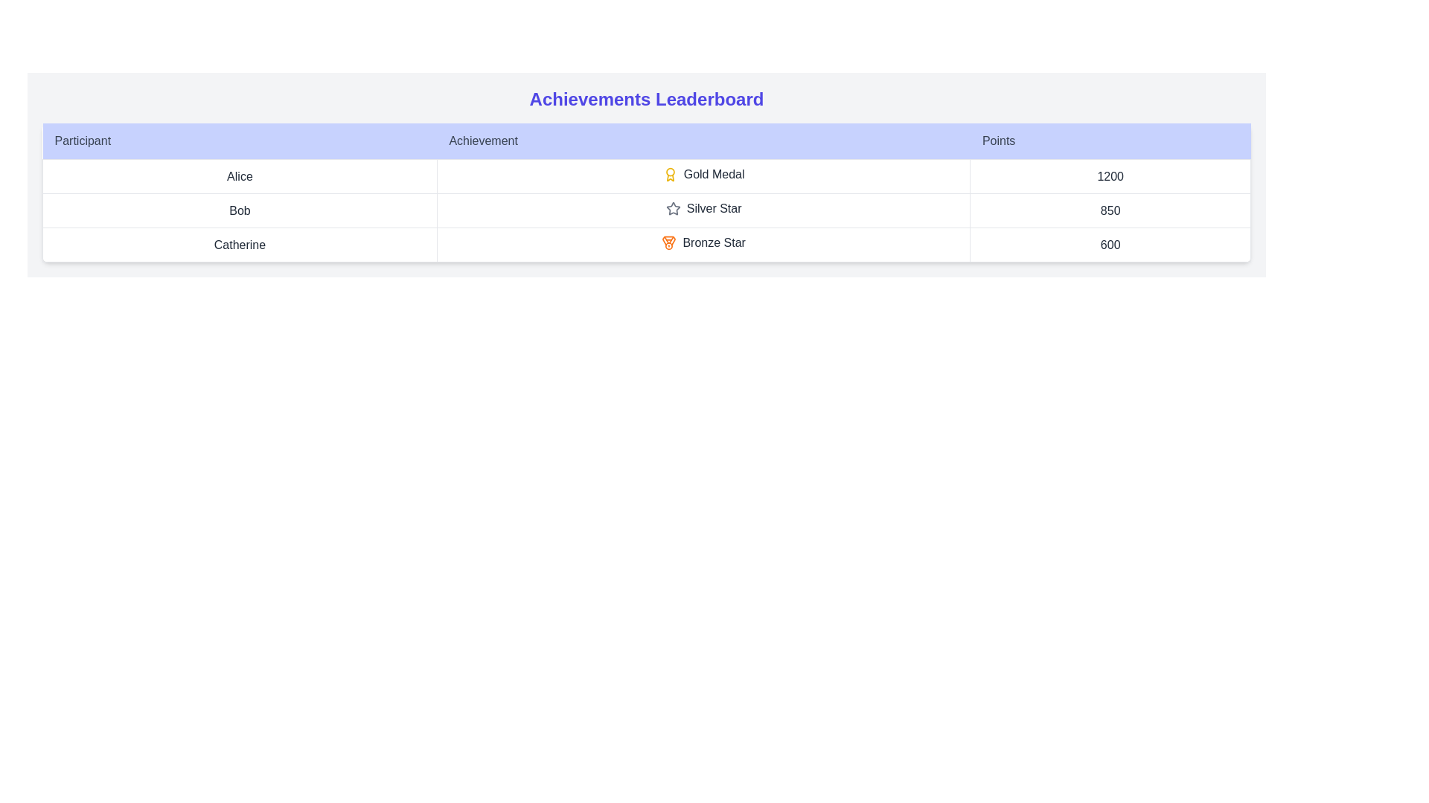  I want to click on the centered textual header element displaying 'Achievements Leaderboard' which is bold and purple in color, located above the table structure, so click(646, 100).